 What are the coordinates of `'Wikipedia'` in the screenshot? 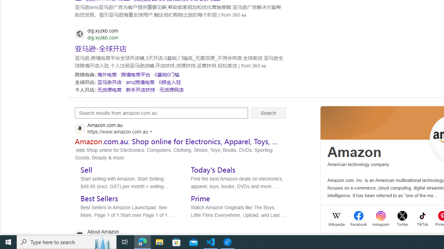 It's located at (336, 224).